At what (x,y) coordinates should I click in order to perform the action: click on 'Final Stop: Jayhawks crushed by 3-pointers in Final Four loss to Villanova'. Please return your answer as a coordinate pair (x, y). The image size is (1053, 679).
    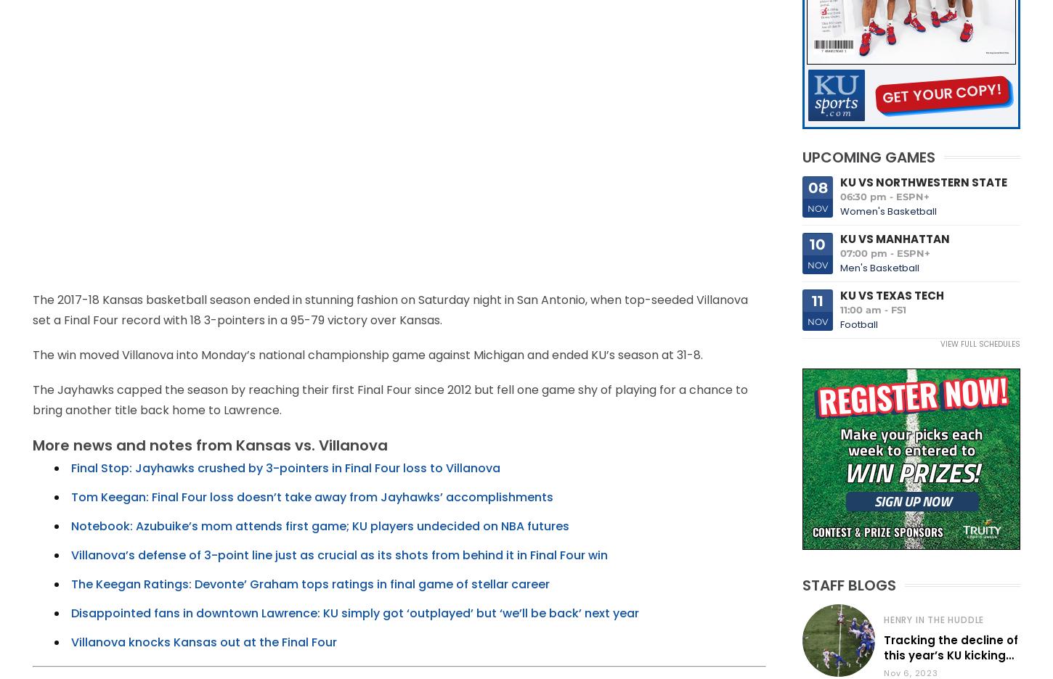
    Looking at the image, I should click on (71, 467).